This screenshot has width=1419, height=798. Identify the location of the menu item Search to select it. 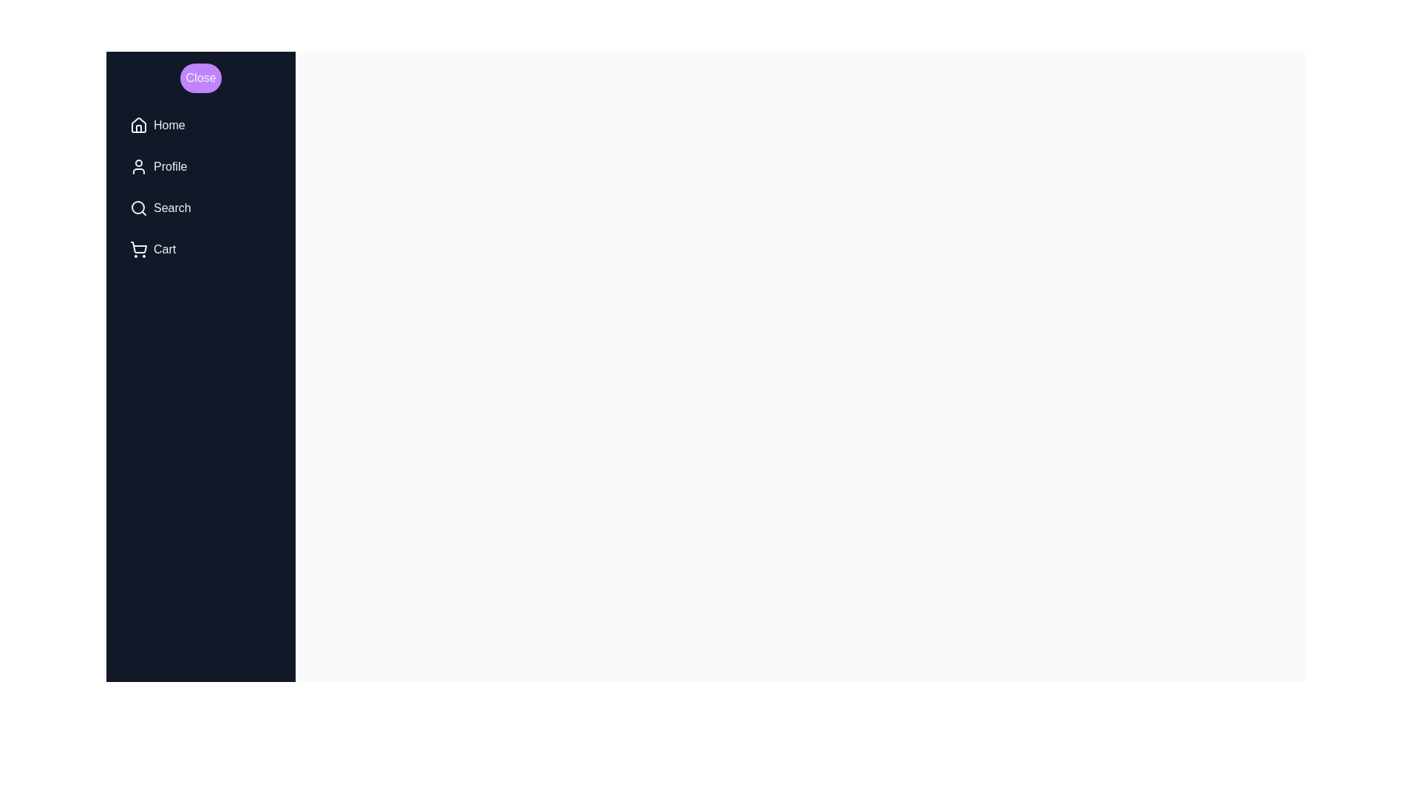
(200, 208).